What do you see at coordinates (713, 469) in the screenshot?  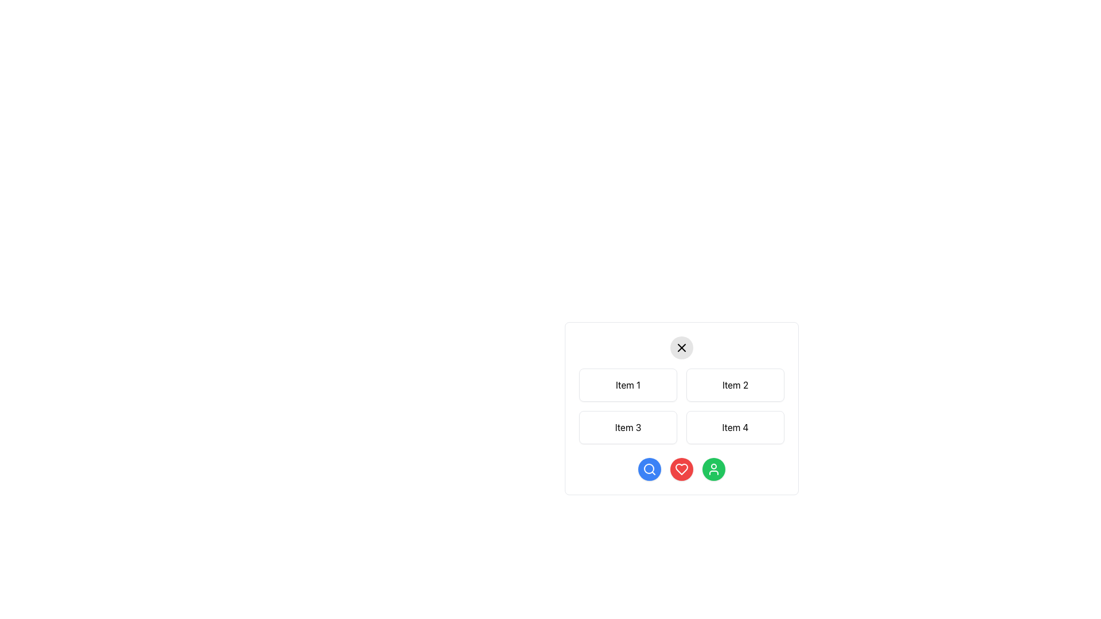 I see `the rightmost icon button in the UI card` at bounding box center [713, 469].